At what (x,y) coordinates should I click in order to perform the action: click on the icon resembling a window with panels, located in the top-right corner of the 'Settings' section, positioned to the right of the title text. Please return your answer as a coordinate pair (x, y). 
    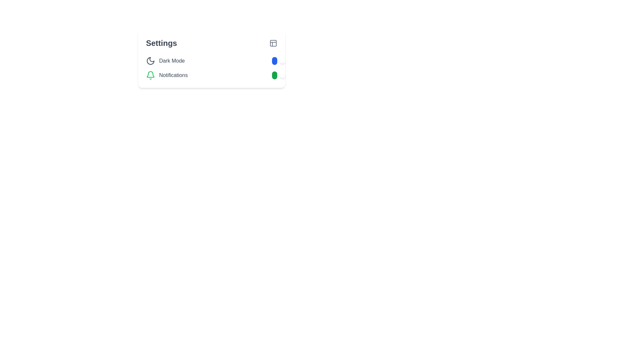
    Looking at the image, I should click on (273, 43).